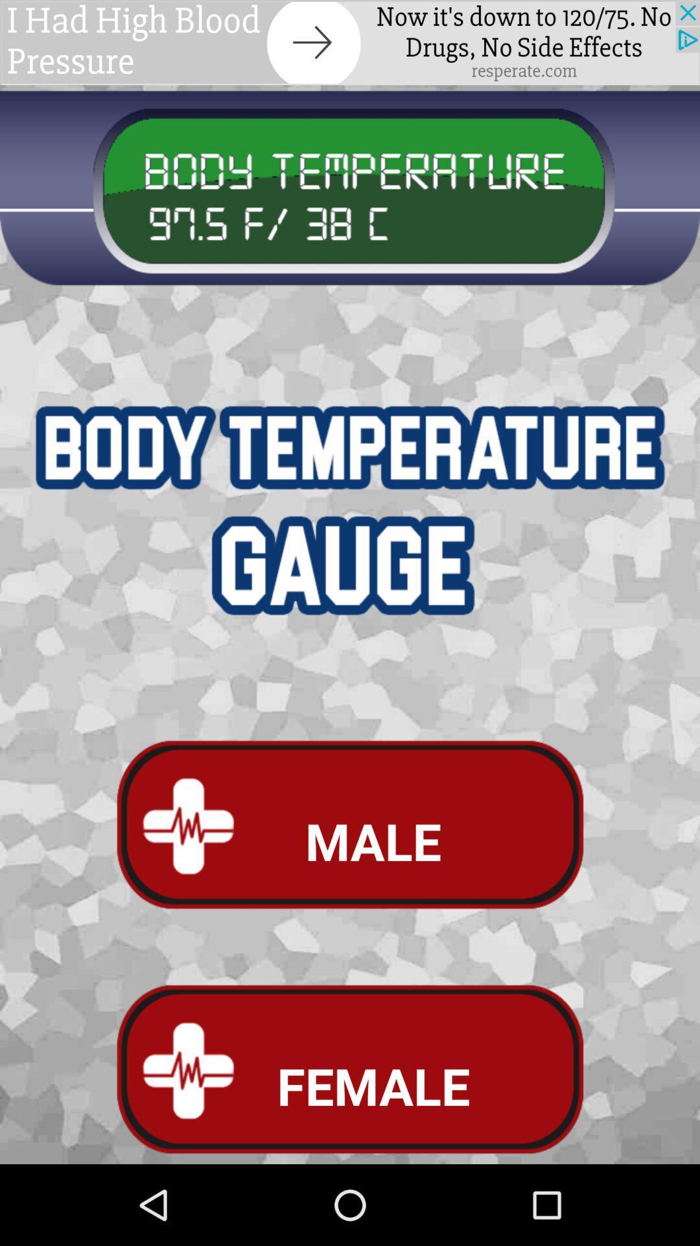  Describe the element at coordinates (350, 42) in the screenshot. I see `next` at that location.